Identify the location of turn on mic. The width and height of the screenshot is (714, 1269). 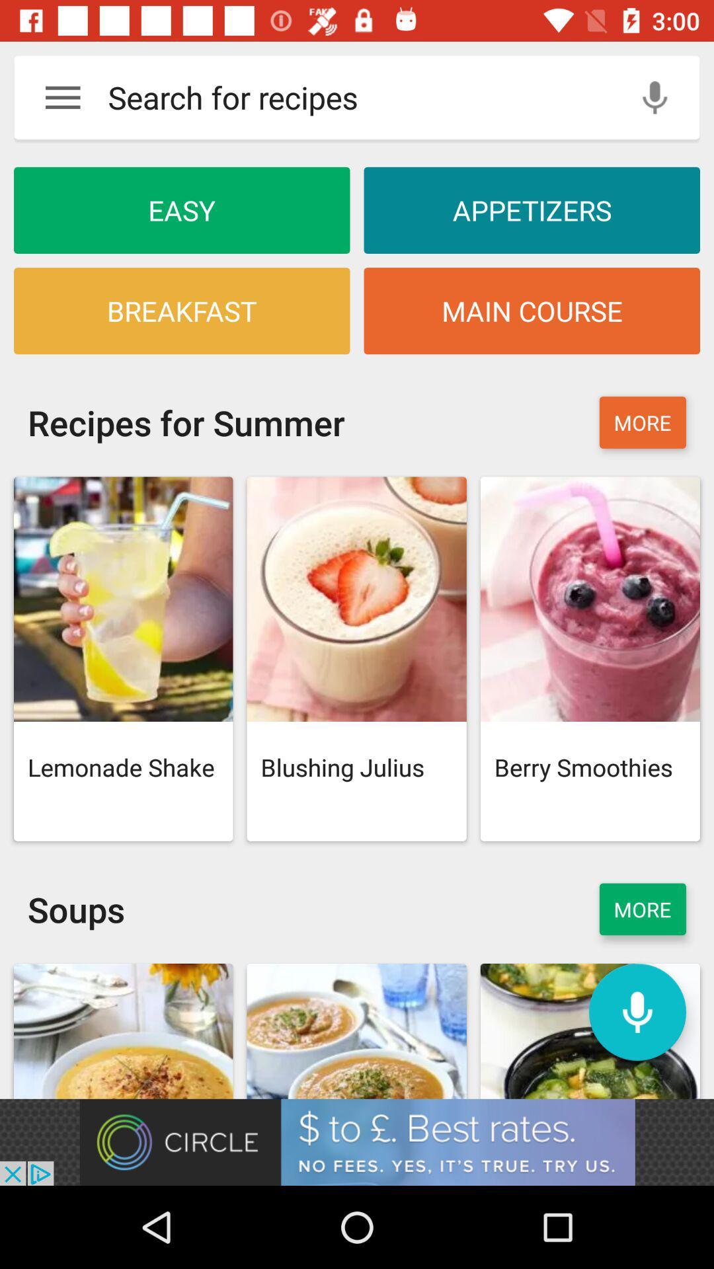
(637, 1011).